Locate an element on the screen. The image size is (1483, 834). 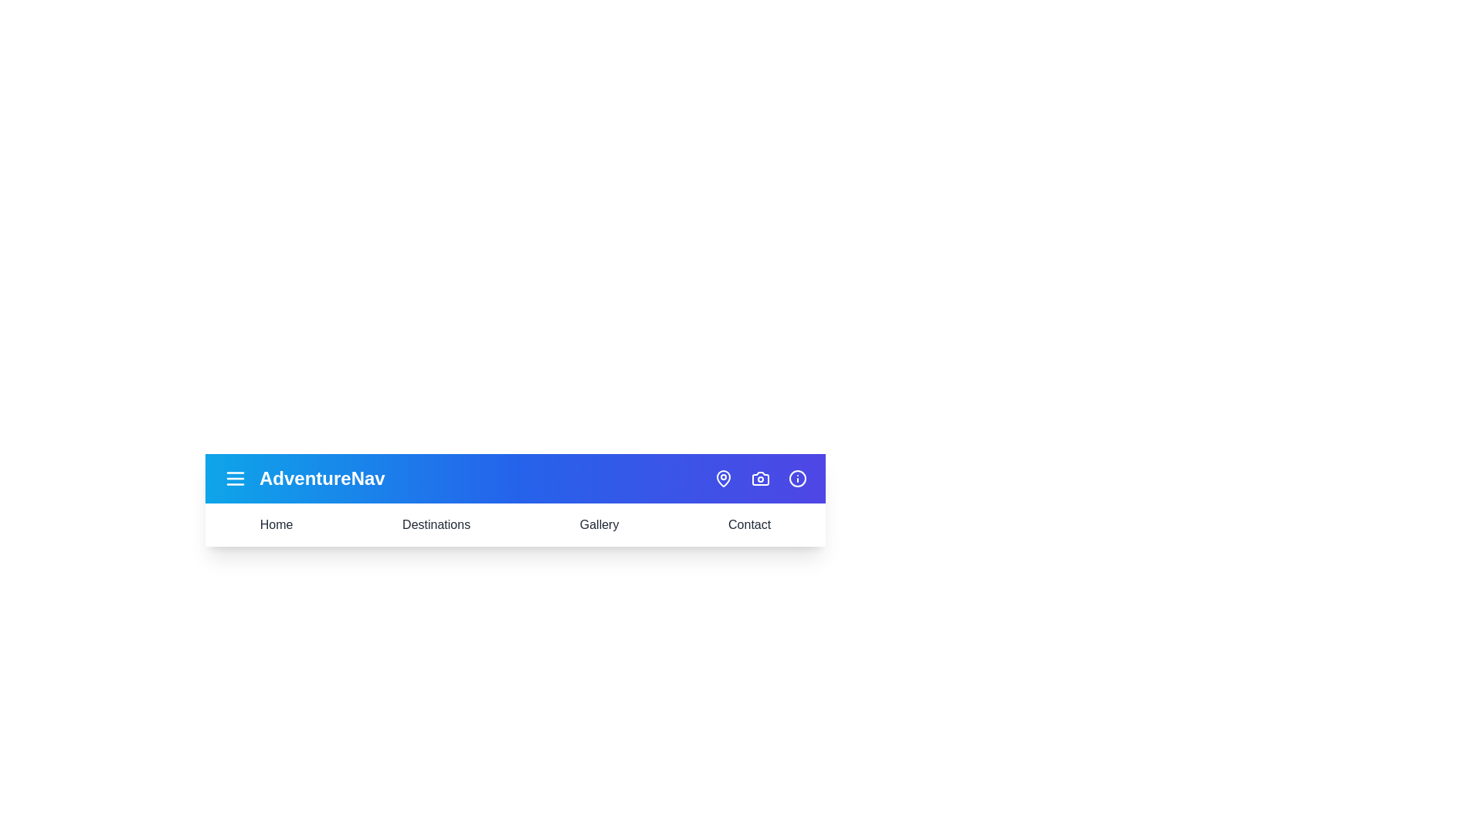
the text of the element Gallery for copying or inspection is located at coordinates (599, 524).